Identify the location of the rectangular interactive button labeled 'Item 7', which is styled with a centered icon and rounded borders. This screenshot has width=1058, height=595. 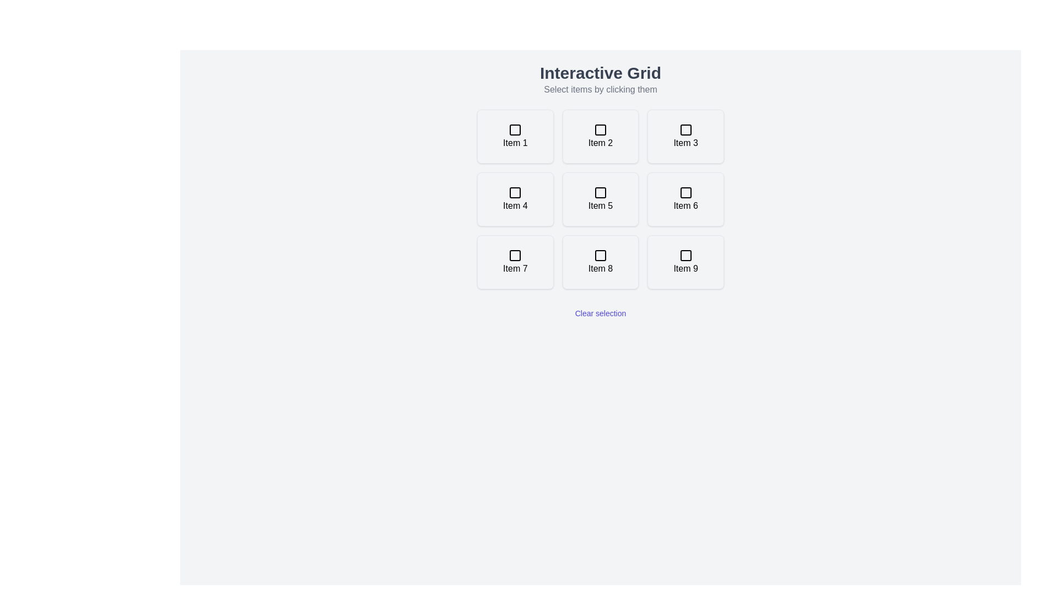
(515, 262).